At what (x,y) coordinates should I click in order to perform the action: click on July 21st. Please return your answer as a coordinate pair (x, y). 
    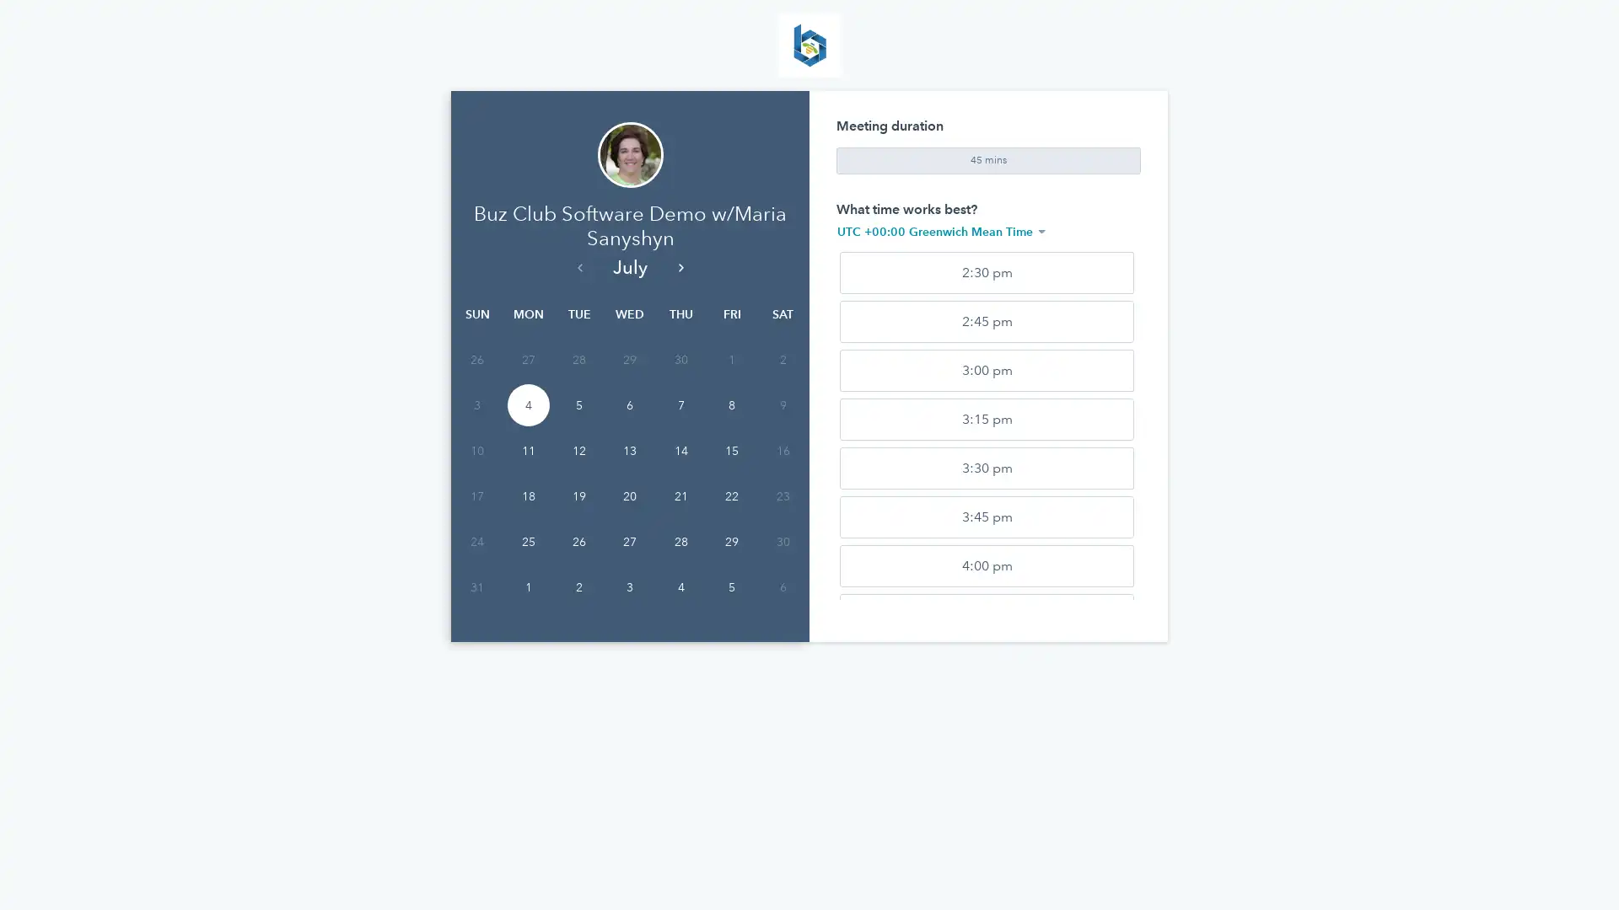
    Looking at the image, I should click on (680, 495).